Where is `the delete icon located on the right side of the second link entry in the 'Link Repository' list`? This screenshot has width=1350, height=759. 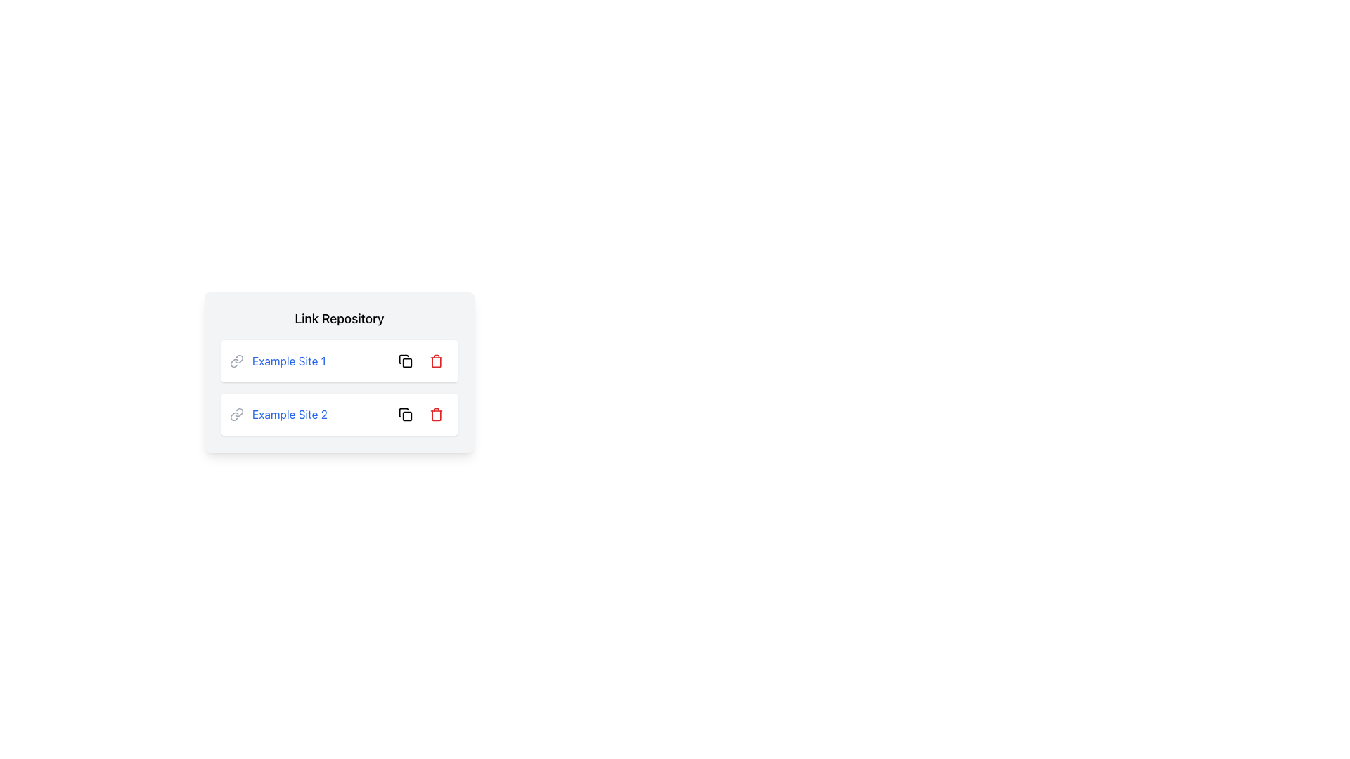
the delete icon located on the right side of the second link entry in the 'Link Repository' list is located at coordinates (435, 414).